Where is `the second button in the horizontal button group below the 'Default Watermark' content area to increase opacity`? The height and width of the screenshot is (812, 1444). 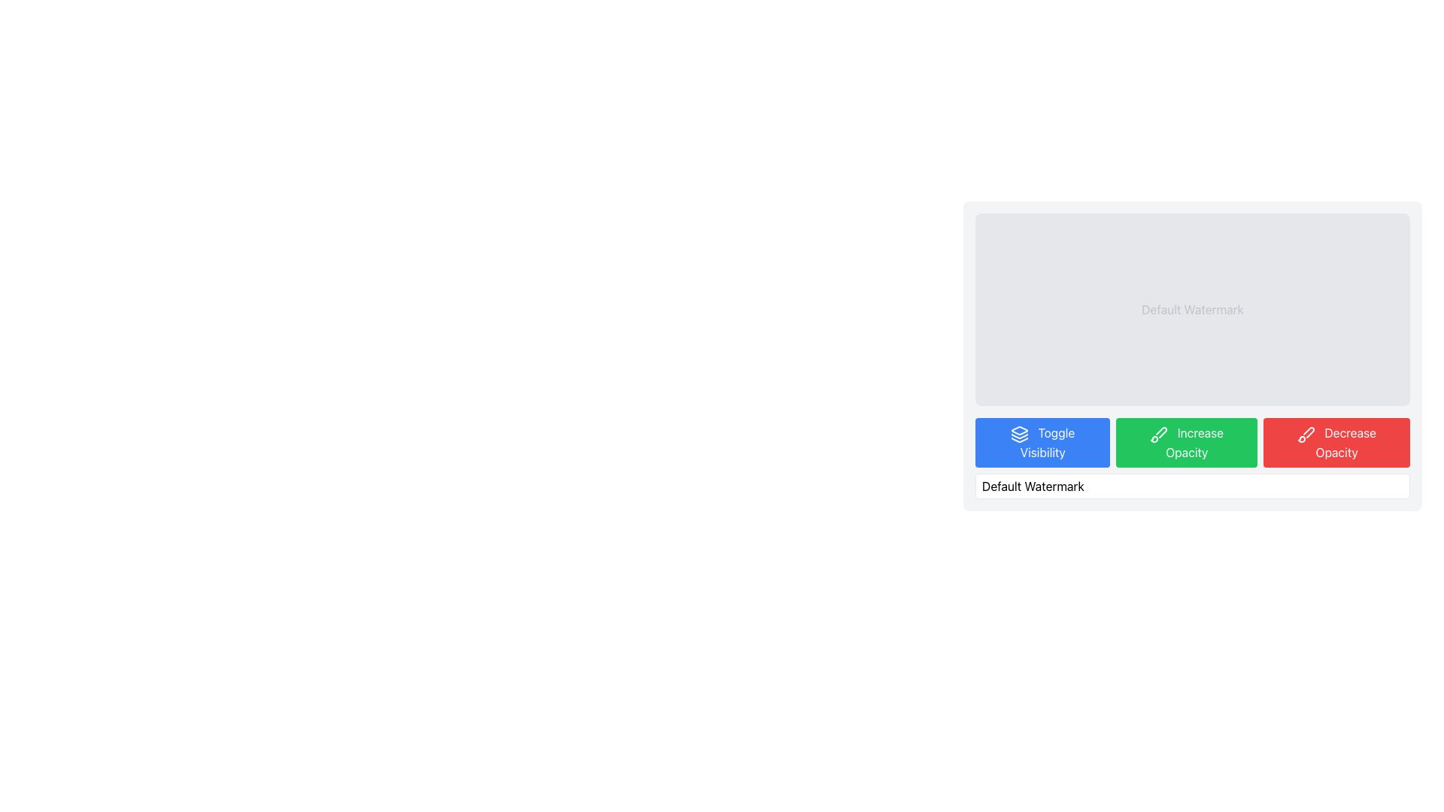 the second button in the horizontal button group below the 'Default Watermark' content area to increase opacity is located at coordinates (1191, 457).